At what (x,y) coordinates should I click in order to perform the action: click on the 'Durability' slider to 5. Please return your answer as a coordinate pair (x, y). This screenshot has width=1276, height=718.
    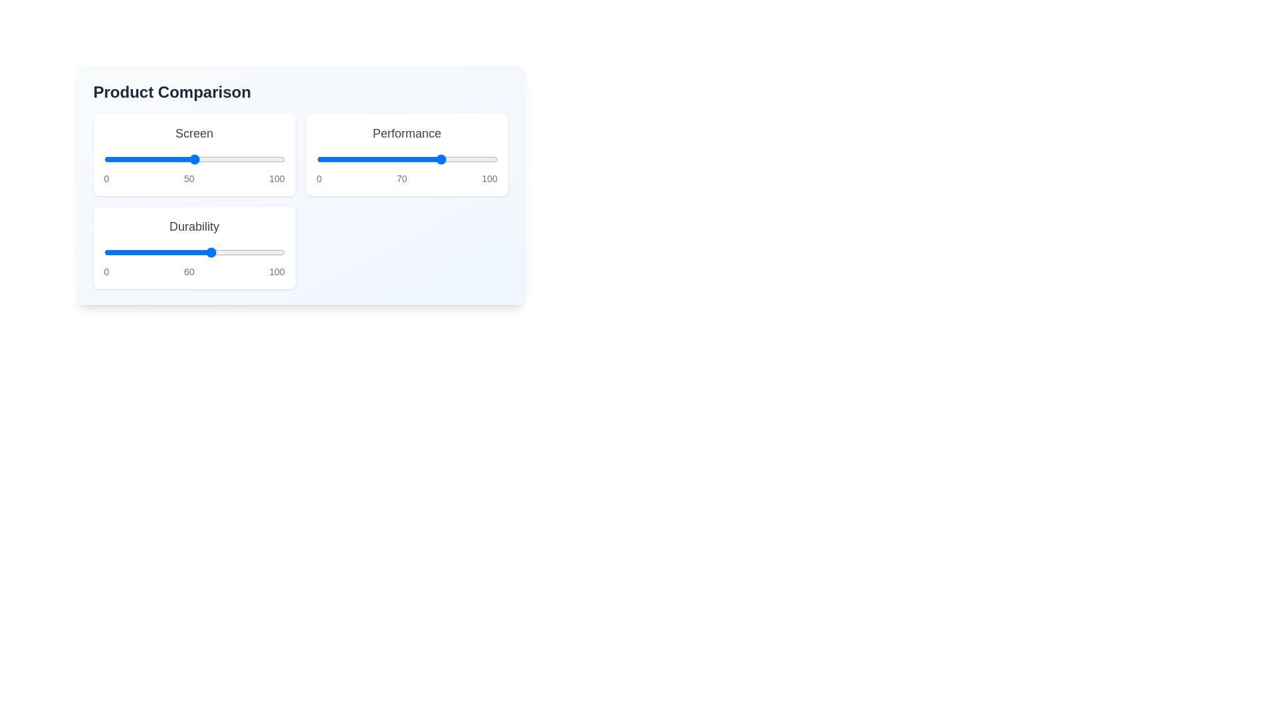
    Looking at the image, I should click on (113, 253).